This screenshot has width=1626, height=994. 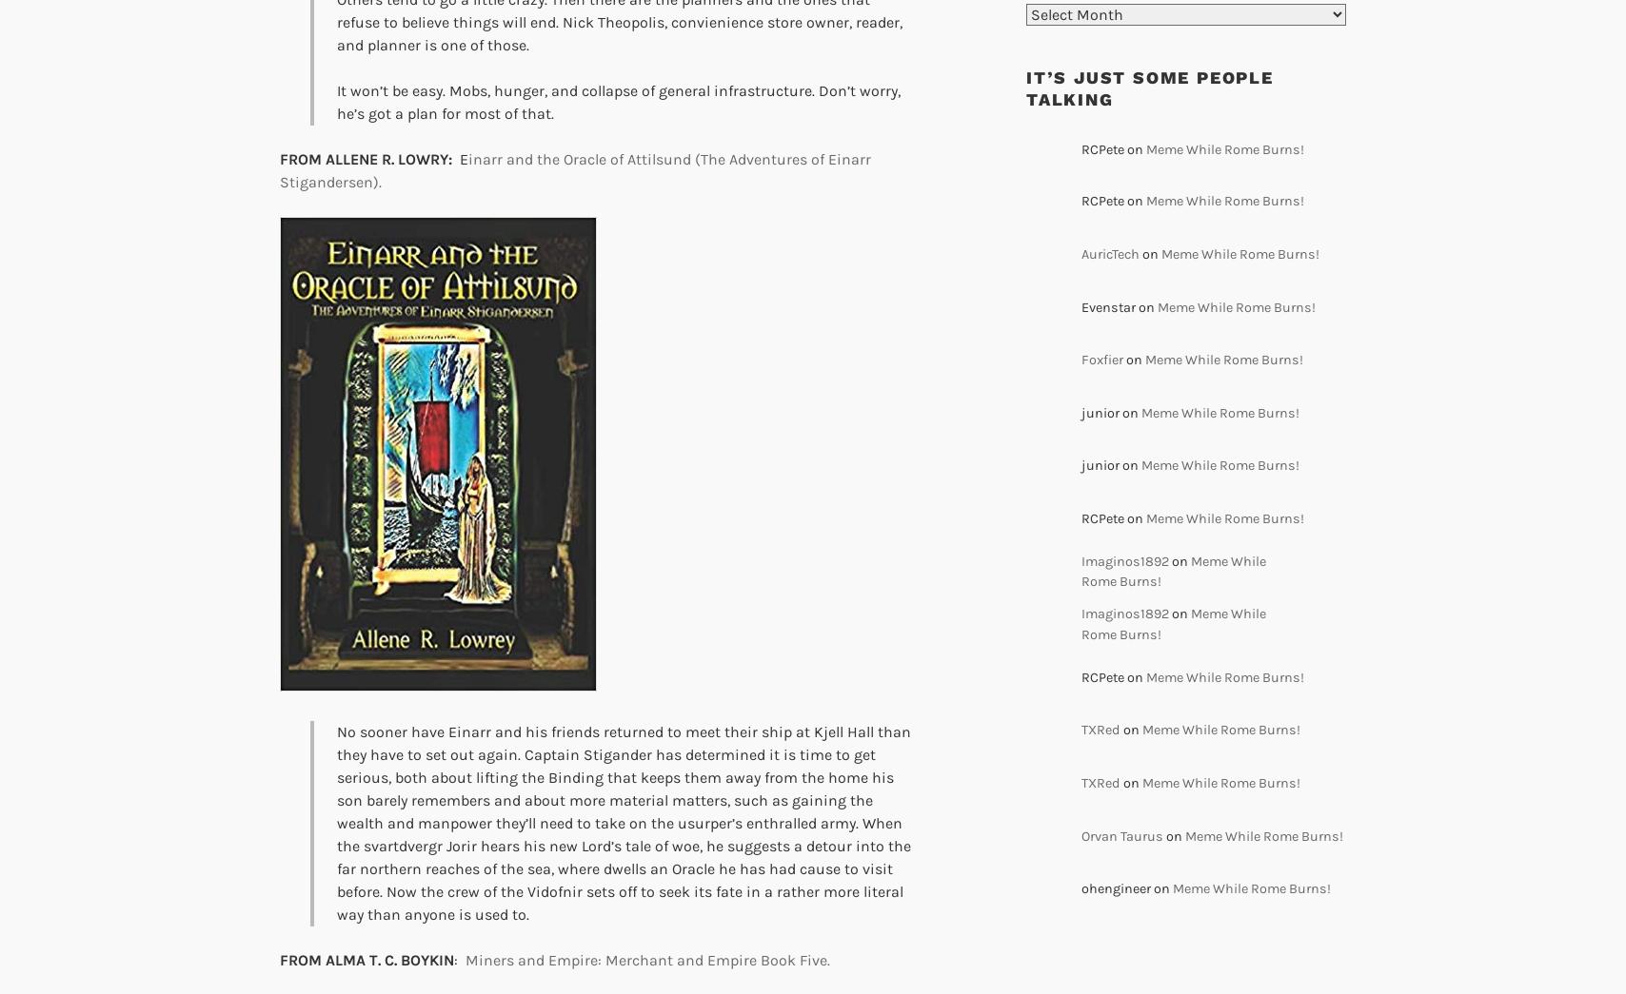 I want to click on 'FROM ALLENE R. LOWRY:', so click(x=279, y=158).